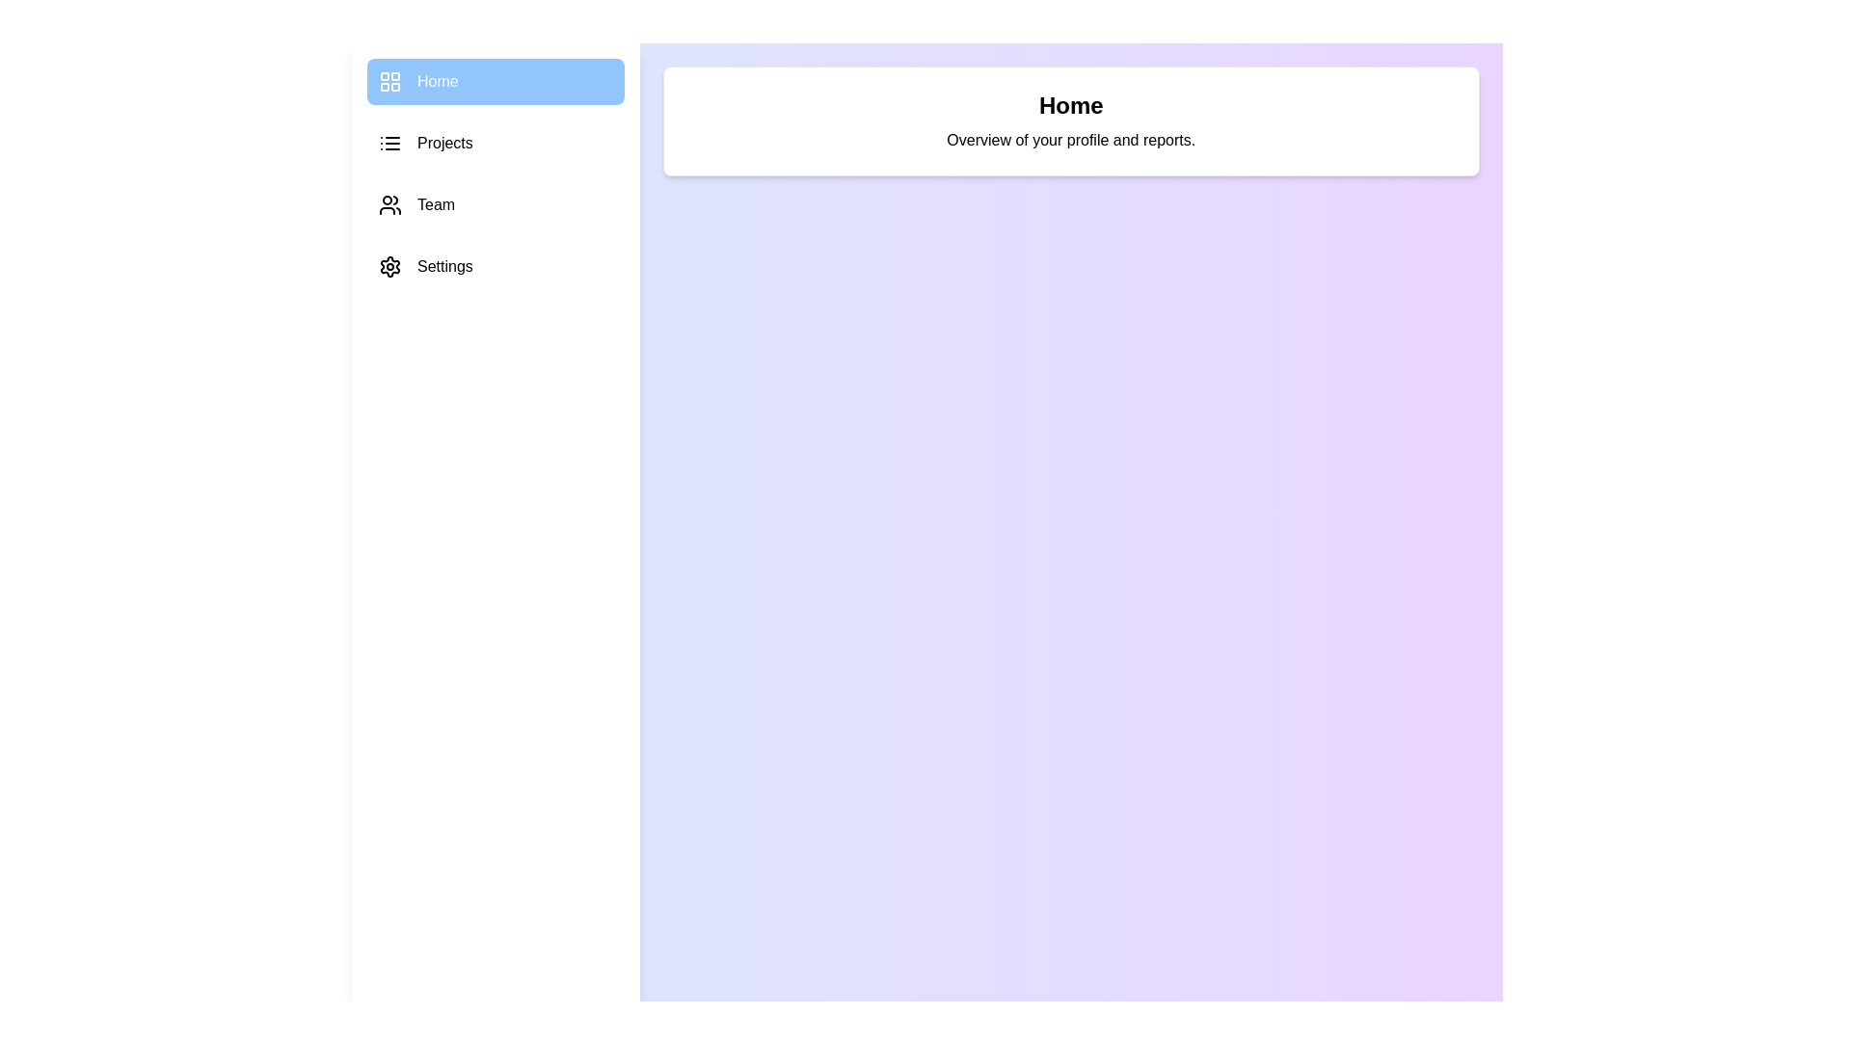 The image size is (1851, 1041). What do you see at coordinates (496, 80) in the screenshot?
I see `the sidebar item labeled Home to view its hover effects` at bounding box center [496, 80].